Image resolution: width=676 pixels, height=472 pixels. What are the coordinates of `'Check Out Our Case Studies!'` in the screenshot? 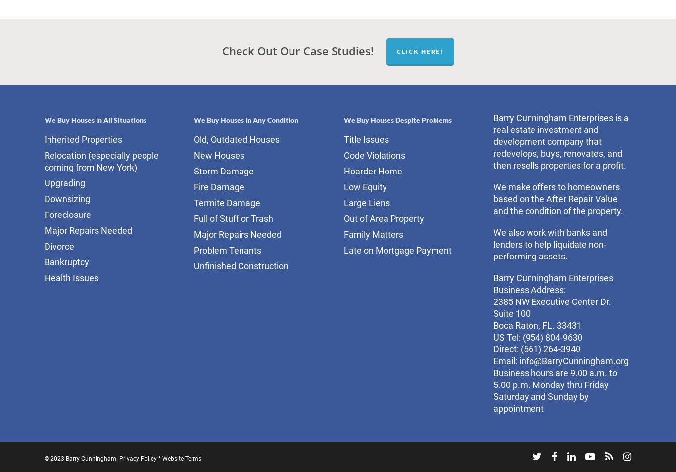 It's located at (297, 49).